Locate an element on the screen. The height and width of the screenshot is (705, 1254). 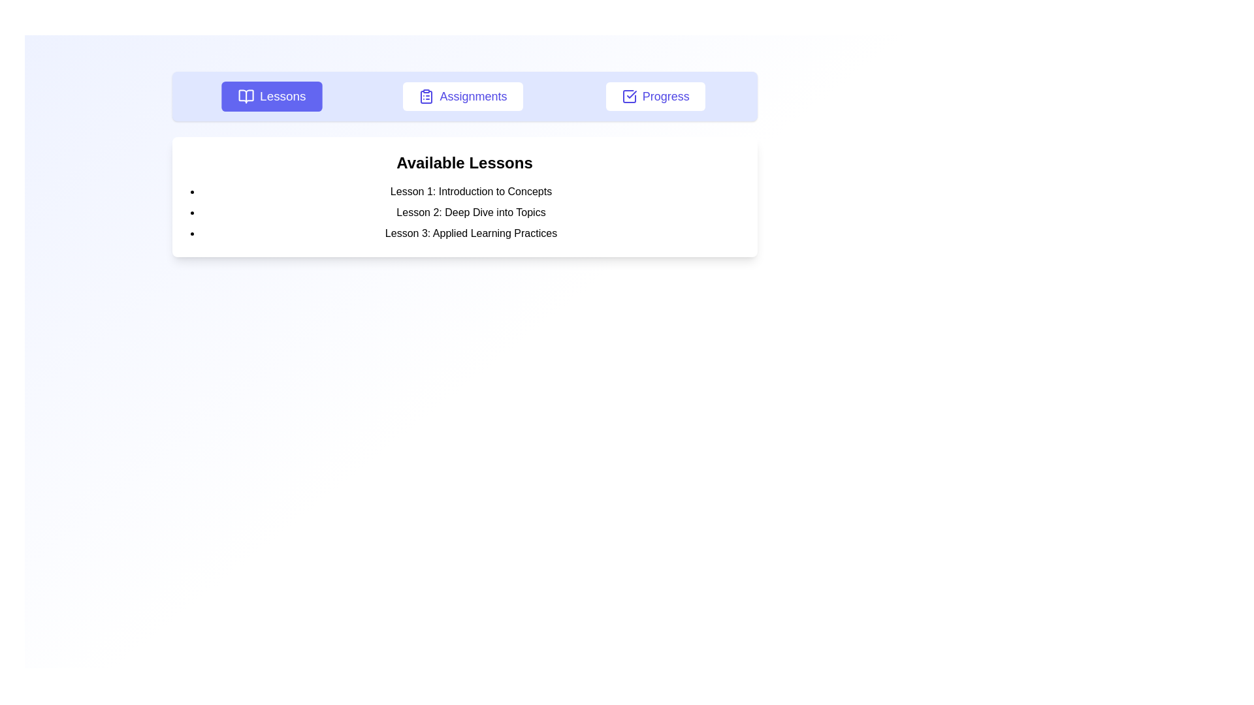
the checked status icon located within the 'Progress' button in the header area of the interface is located at coordinates (632, 94).